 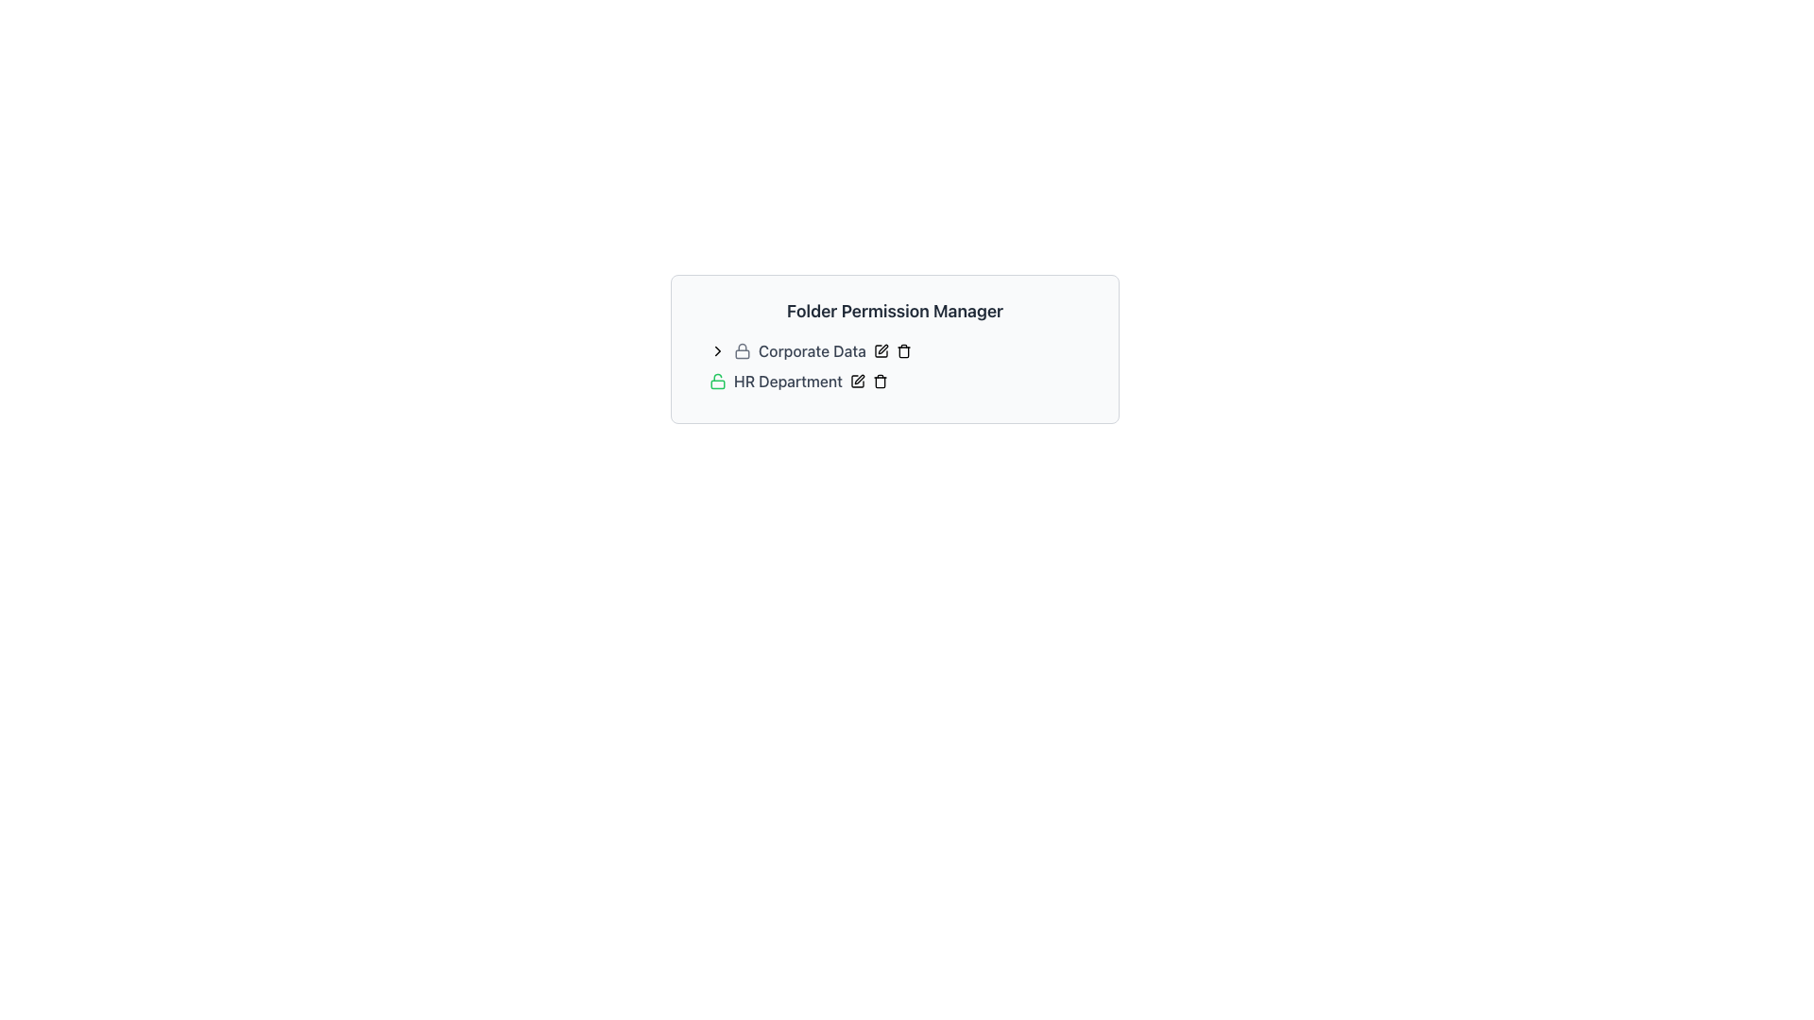 What do you see at coordinates (880, 350) in the screenshot?
I see `the decorative edit icon located to the right of the 'Corporate Data' text in the 'Folder Permission Manager' interface` at bounding box center [880, 350].